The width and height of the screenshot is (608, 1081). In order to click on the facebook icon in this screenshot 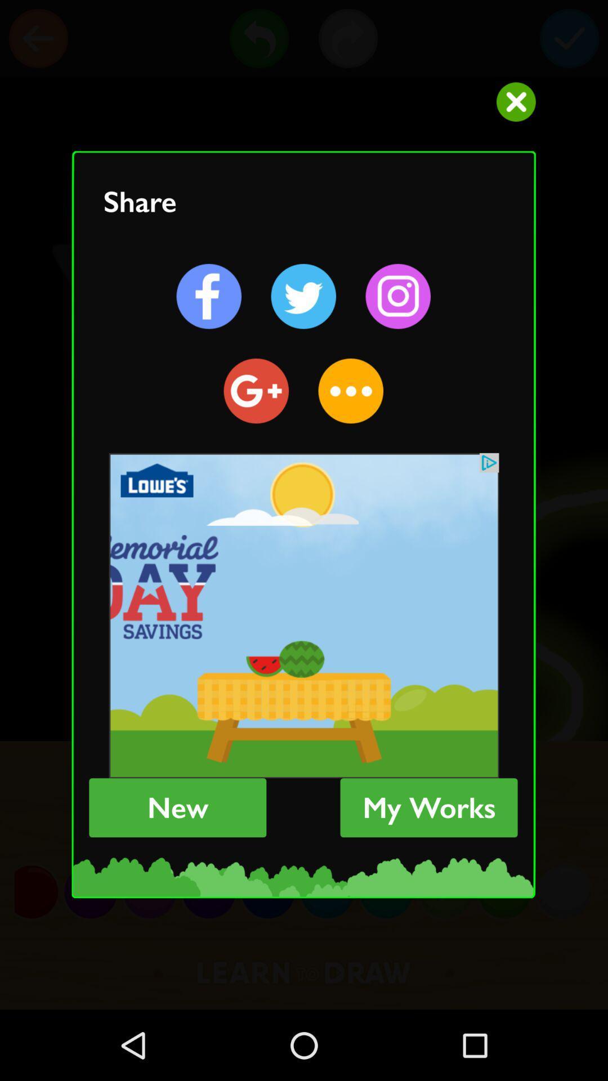, I will do `click(209, 296)`.